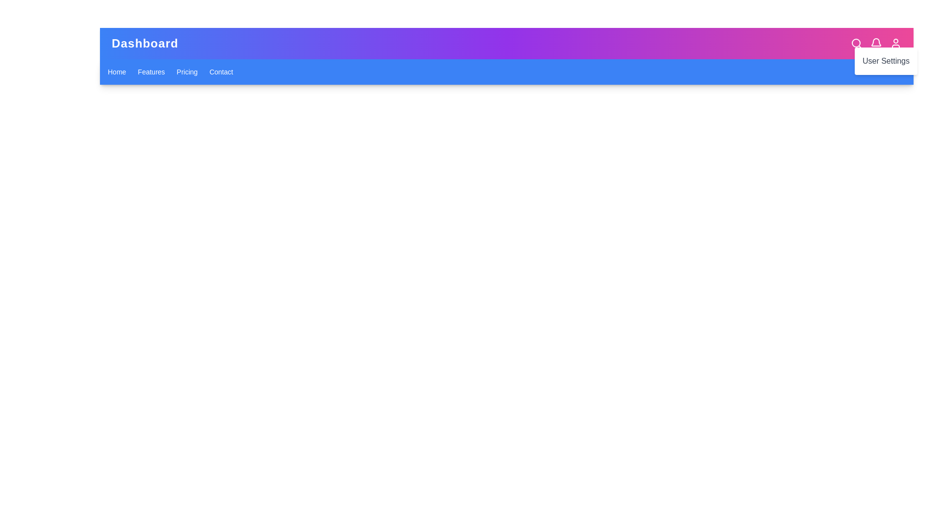  I want to click on the navigation menu item Contact, so click(221, 71).